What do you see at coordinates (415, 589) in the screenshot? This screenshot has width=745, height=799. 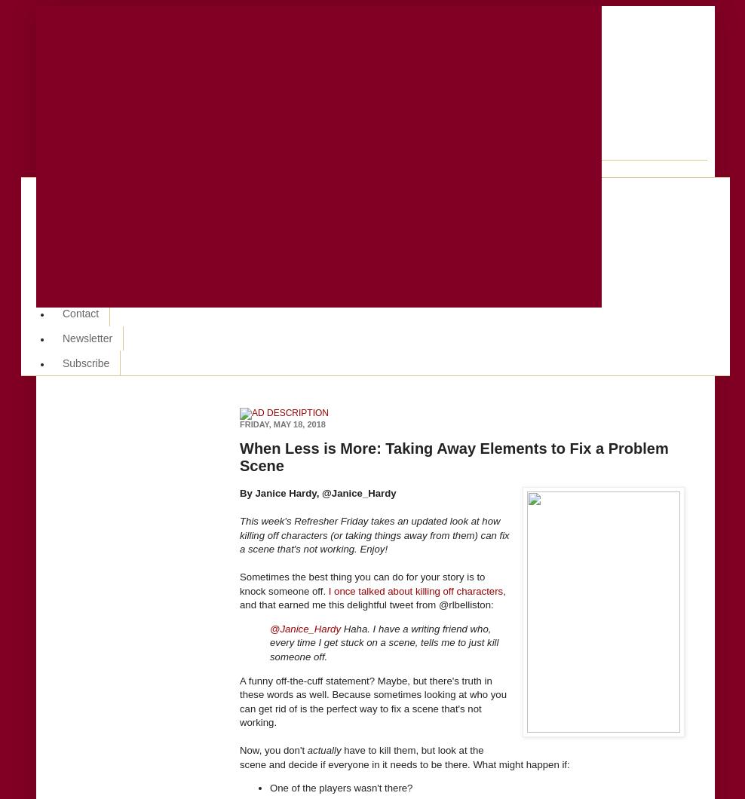 I see `'I once talked about killing off characters'` at bounding box center [415, 589].